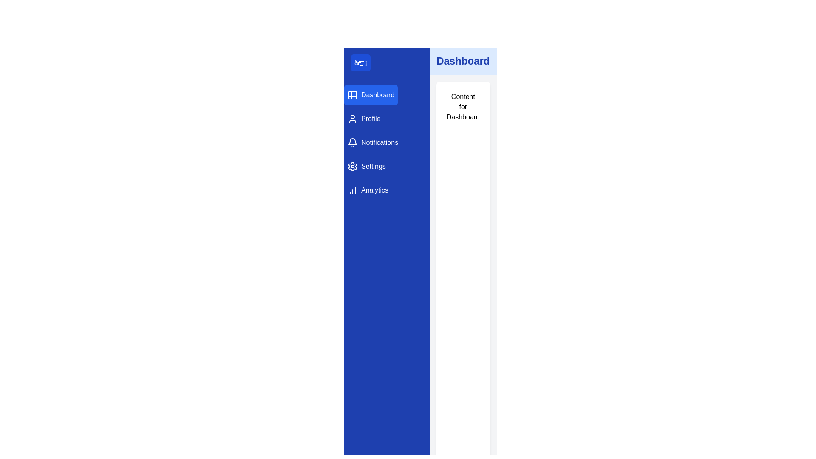 The image size is (816, 459). Describe the element at coordinates (361, 62) in the screenshot. I see `the menu toggle button located in the blue sidebar on the left, positioned near the 'Dashboard' menu button to trigger hover effects` at that location.